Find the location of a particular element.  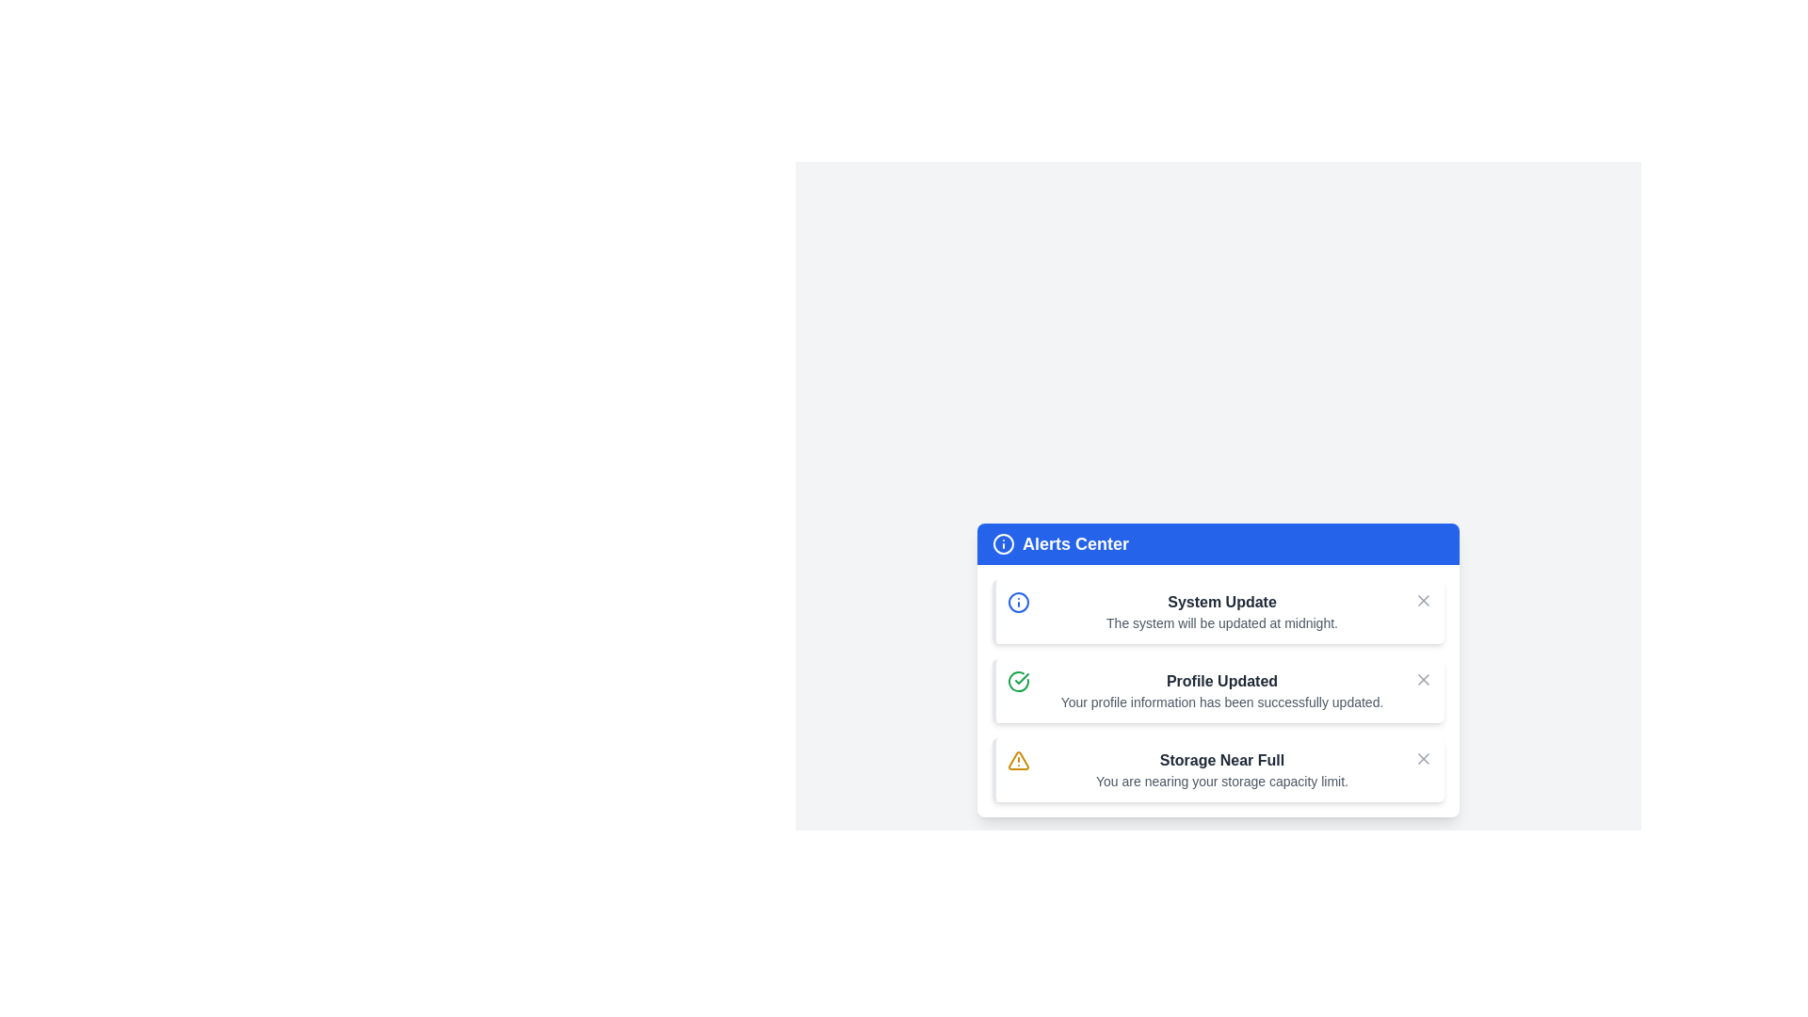

the filled circular graphic component with a blue border and white fill, located within the 'System Update' alert card is located at coordinates (1017, 603).